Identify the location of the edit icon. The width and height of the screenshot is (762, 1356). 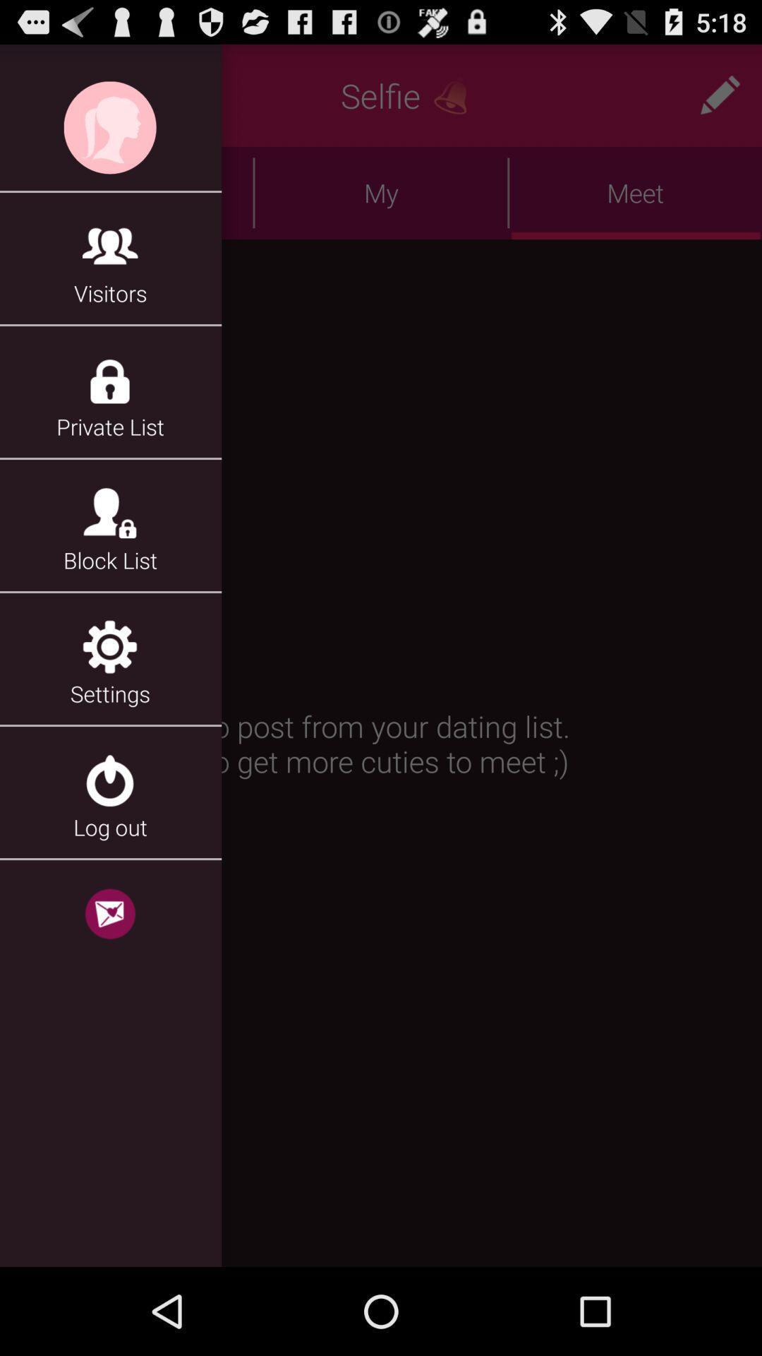
(720, 101).